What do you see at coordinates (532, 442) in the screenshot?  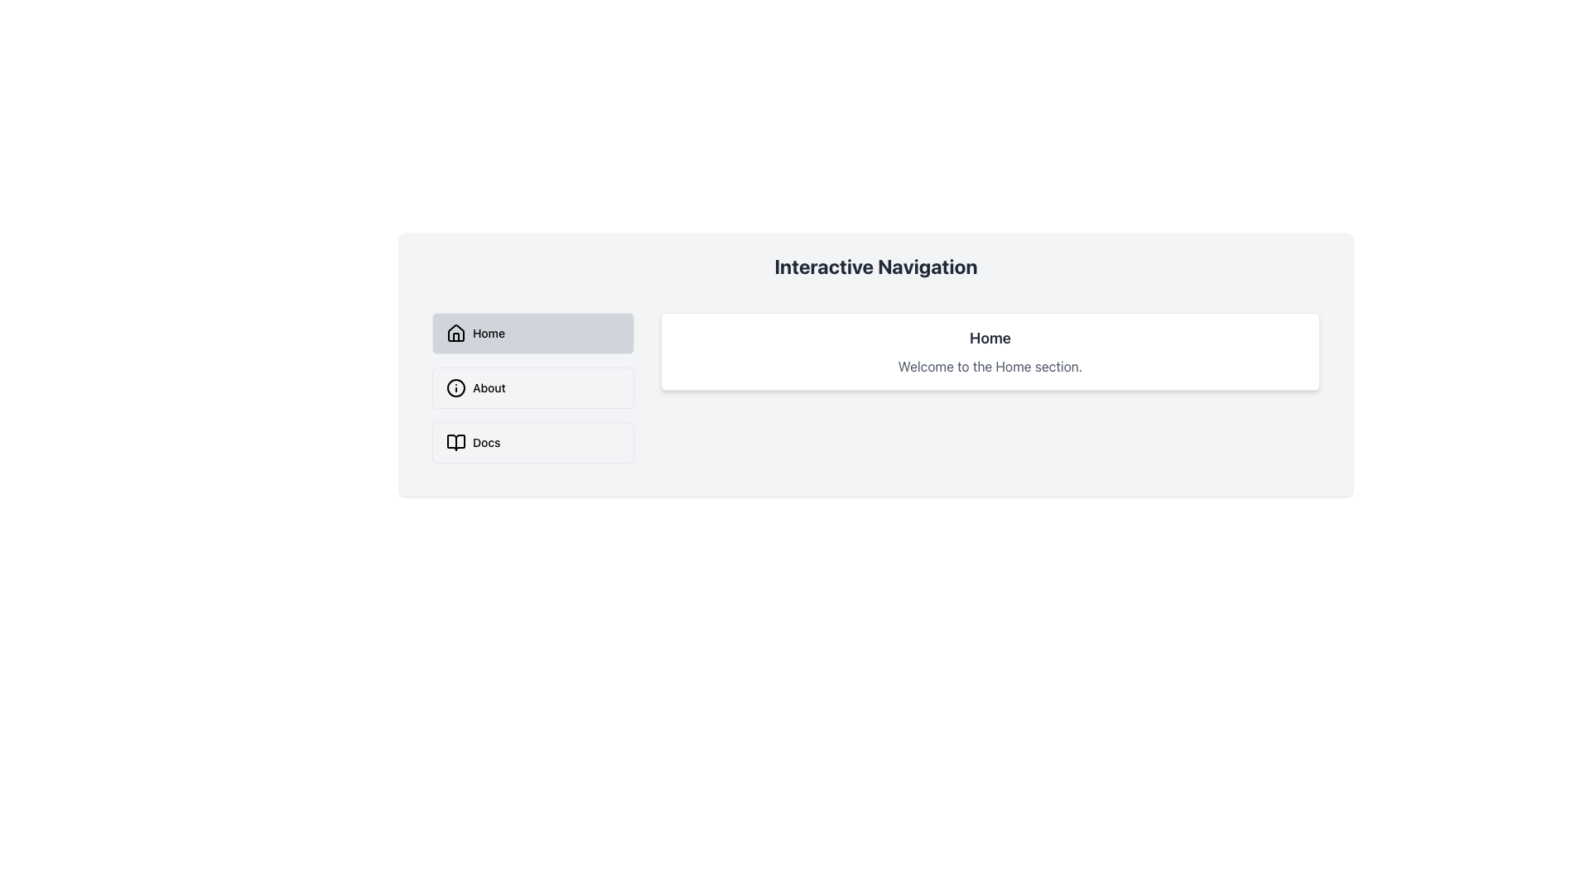 I see `the 'Docs' button located at the bottom of the navigation section` at bounding box center [532, 442].